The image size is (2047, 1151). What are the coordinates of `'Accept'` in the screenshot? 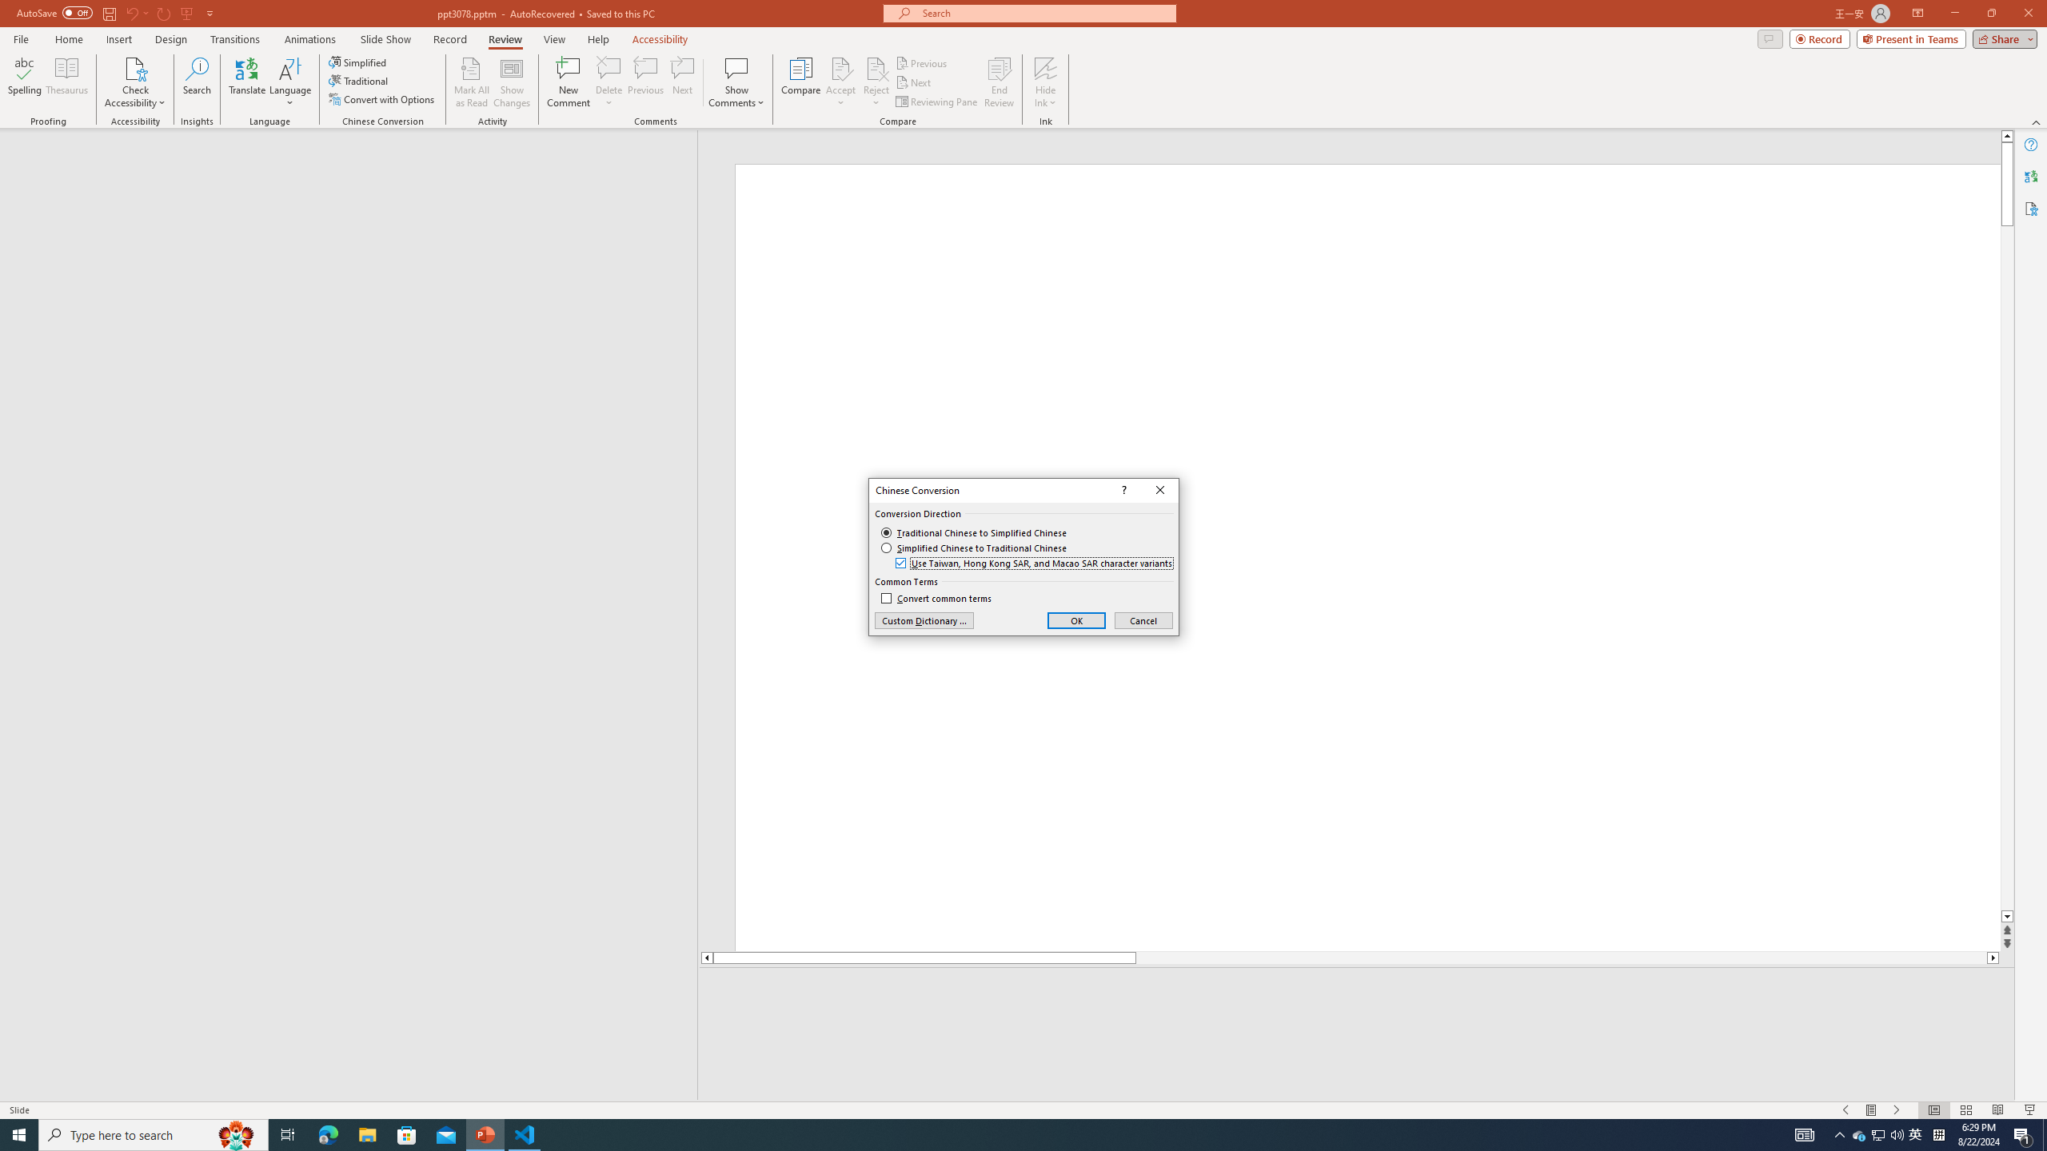 It's located at (840, 82).